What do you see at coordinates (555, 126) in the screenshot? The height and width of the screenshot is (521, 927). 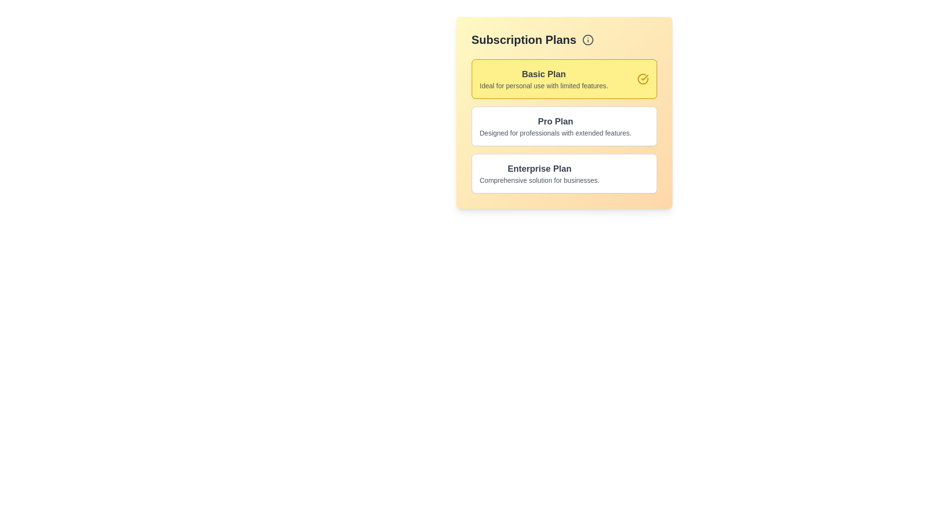 I see `text content of the 'Pro Plan' Text Block, which is centrally aligned in the subscription interface, located in the second row between the 'Basic Plan' and 'Enterprise Plan'` at bounding box center [555, 126].